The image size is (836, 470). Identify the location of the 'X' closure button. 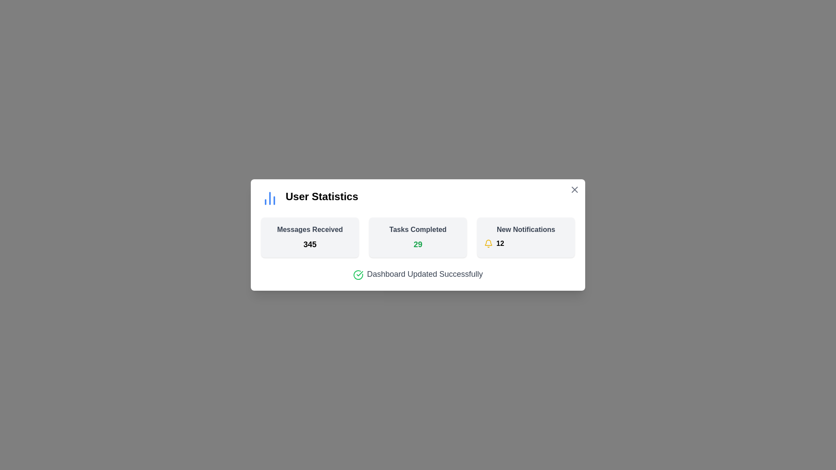
(575, 189).